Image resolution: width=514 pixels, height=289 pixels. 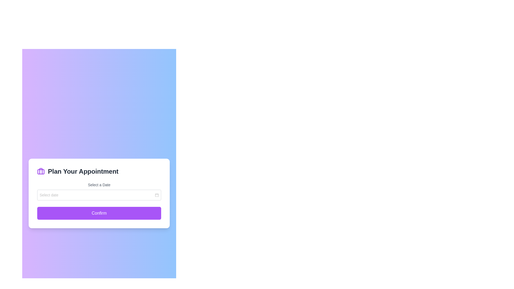 I want to click on the text label that says 'Select a Date', which is styled in a small gray font and is located at the upper center of a rectangular card above the 'Select date' input field, so click(x=99, y=184).